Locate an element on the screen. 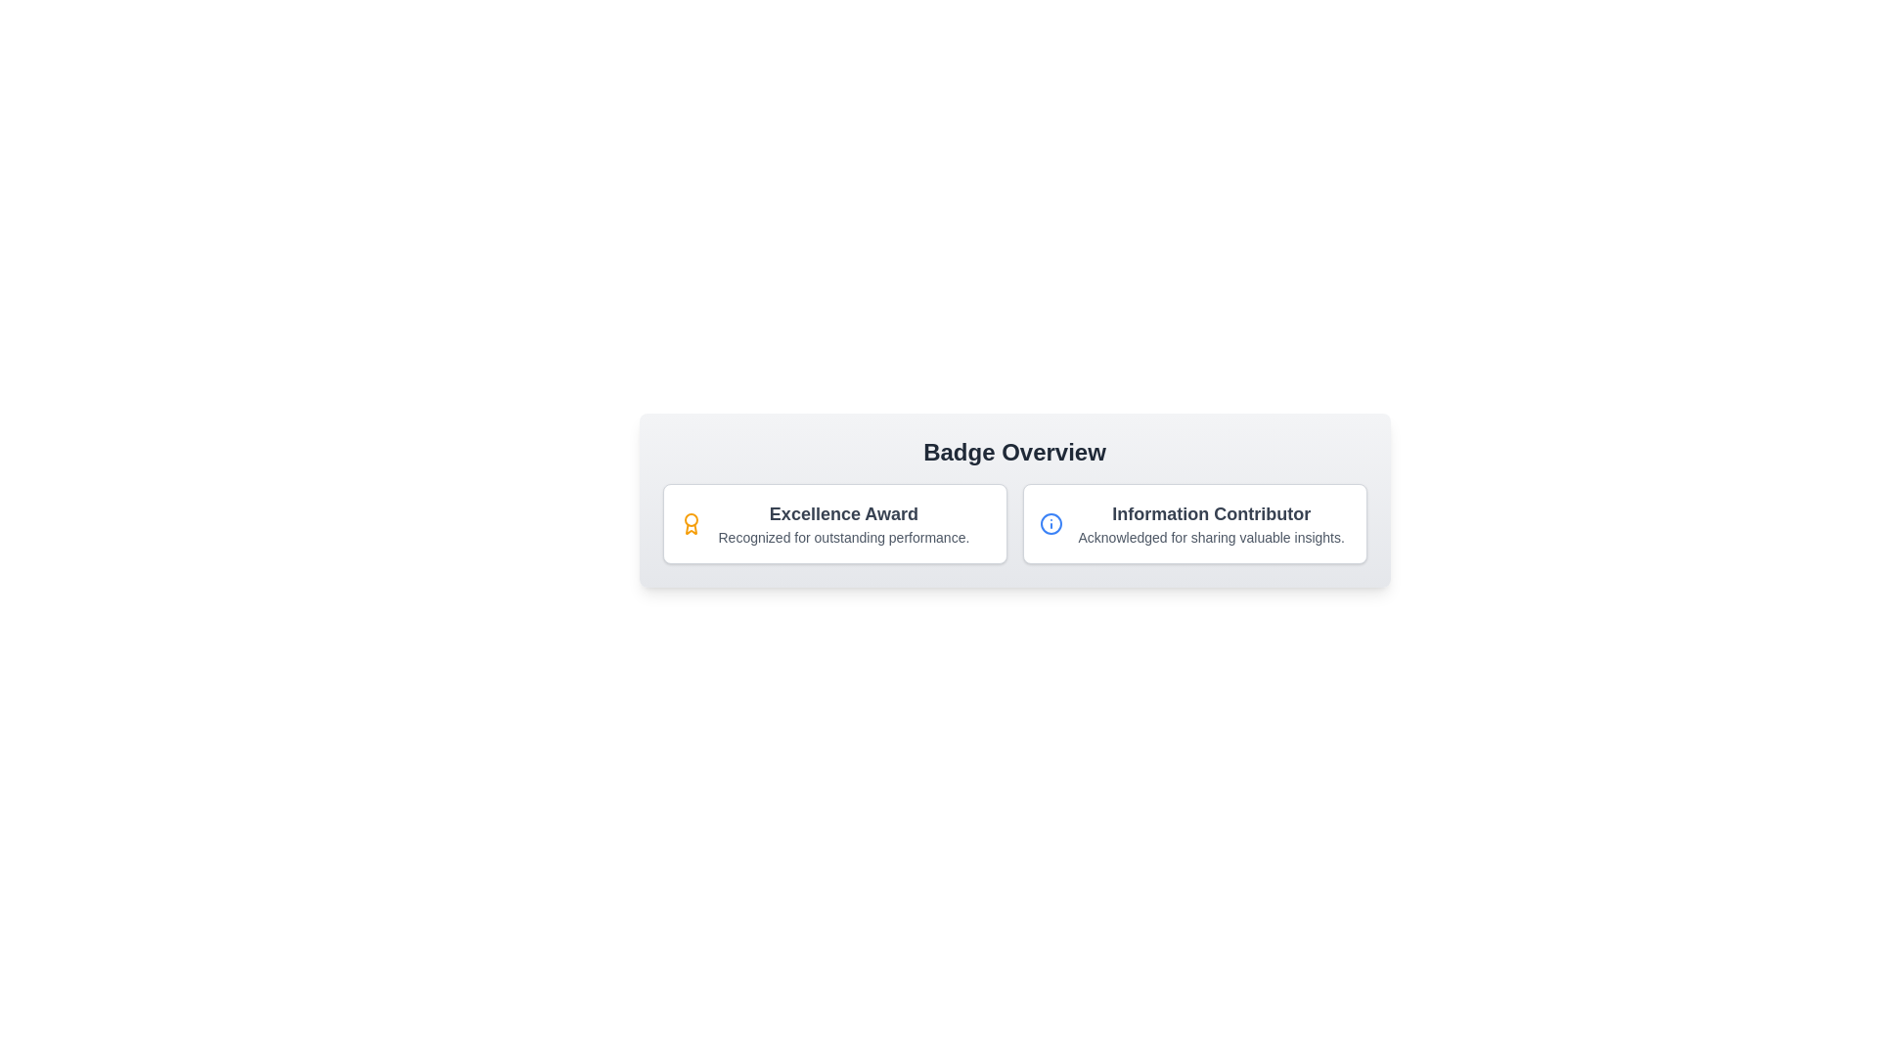 The image size is (1878, 1056). the badge icon in the 'Badge Overview' section that acknowledges sharing valuable insights is located at coordinates (1193, 523).